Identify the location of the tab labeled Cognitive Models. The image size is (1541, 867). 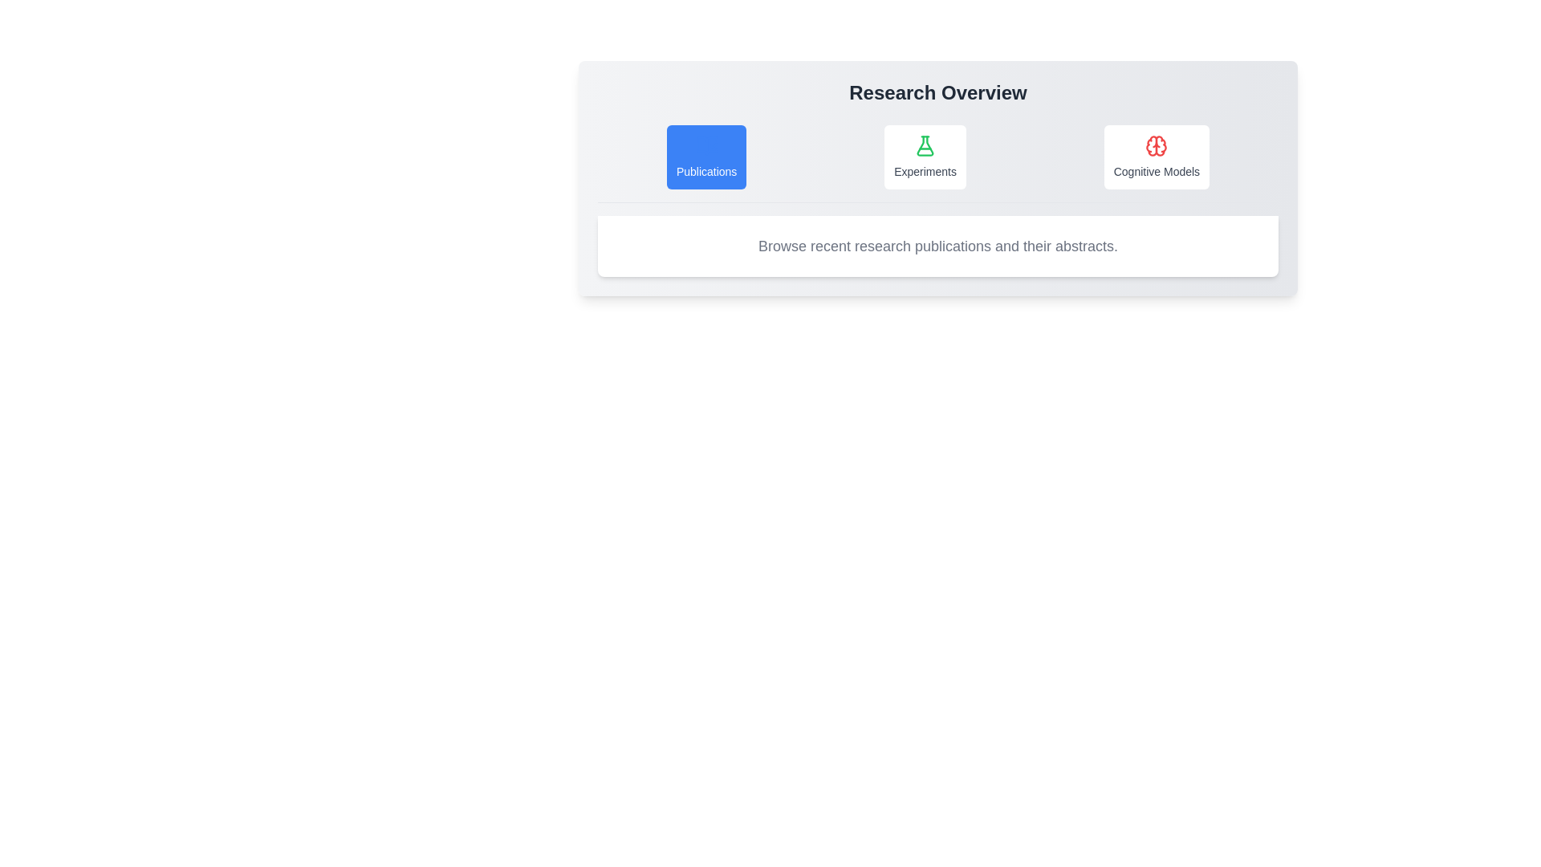
(1157, 157).